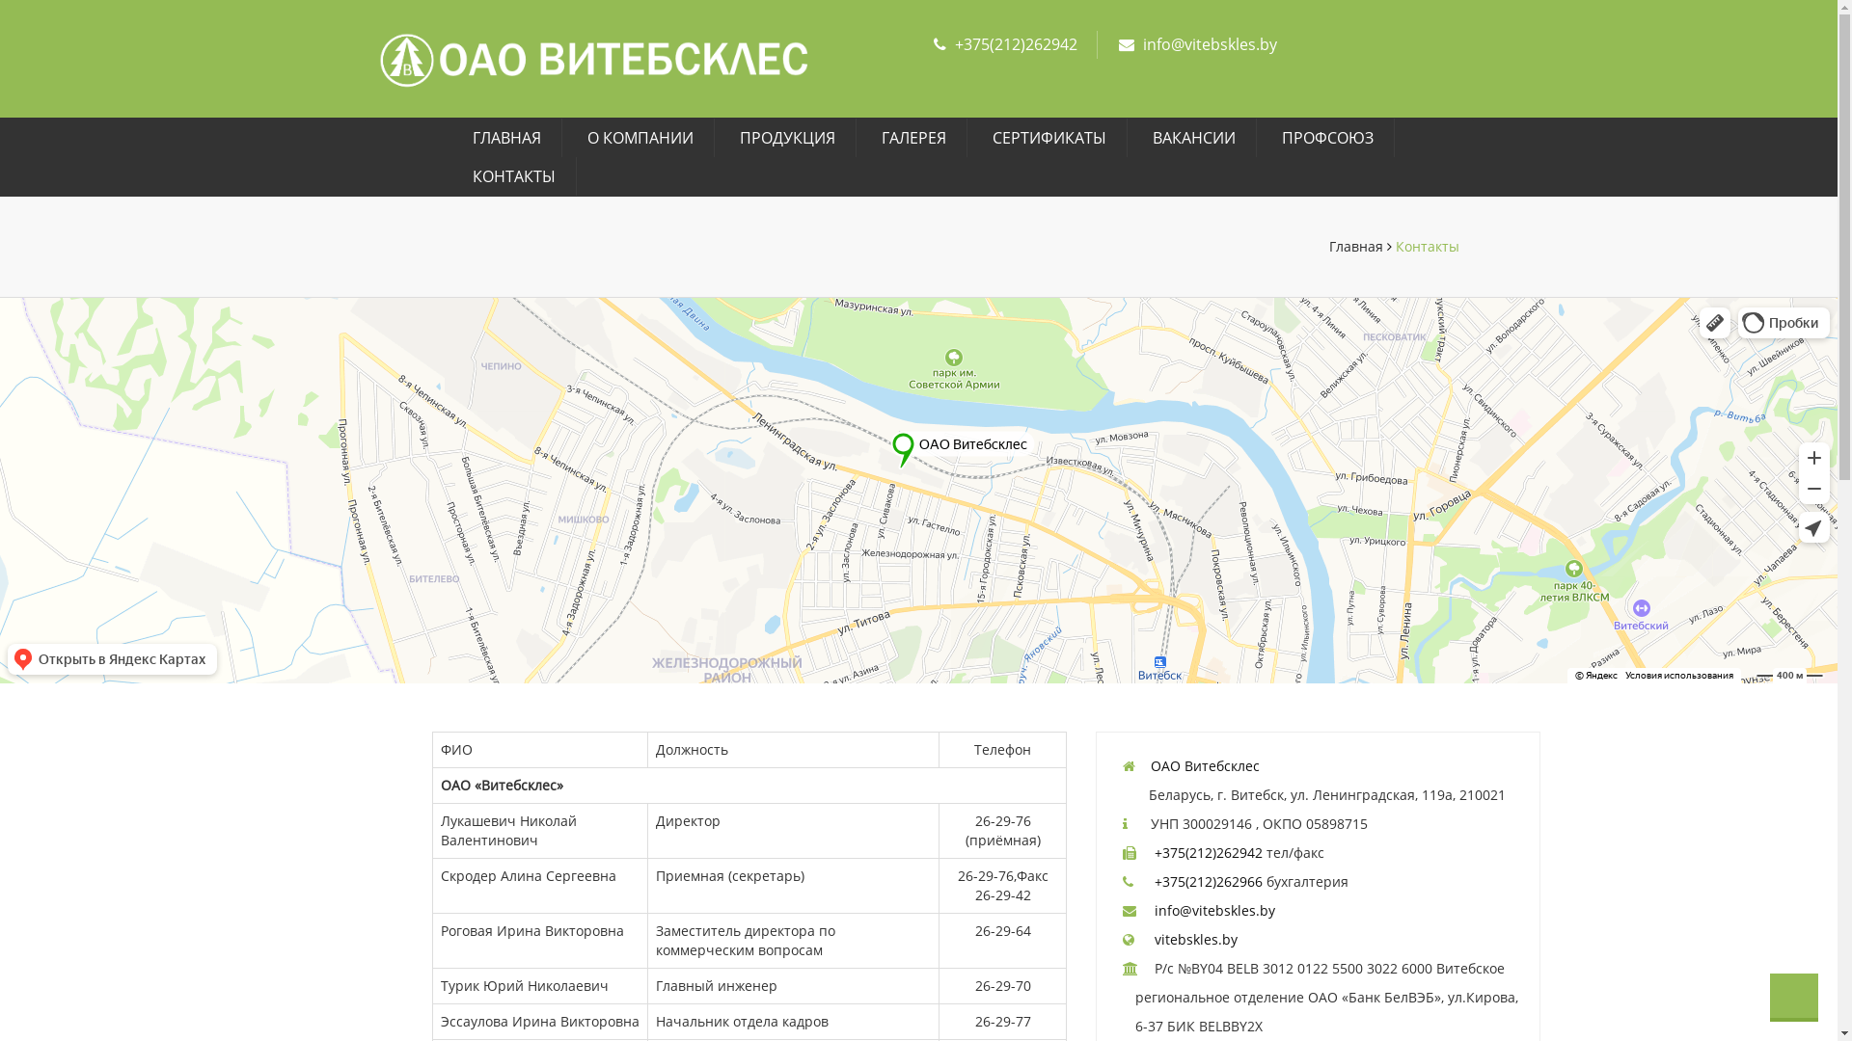 The image size is (1852, 1041). What do you see at coordinates (1142, 43) in the screenshot?
I see `'info@vitebskles.by'` at bounding box center [1142, 43].